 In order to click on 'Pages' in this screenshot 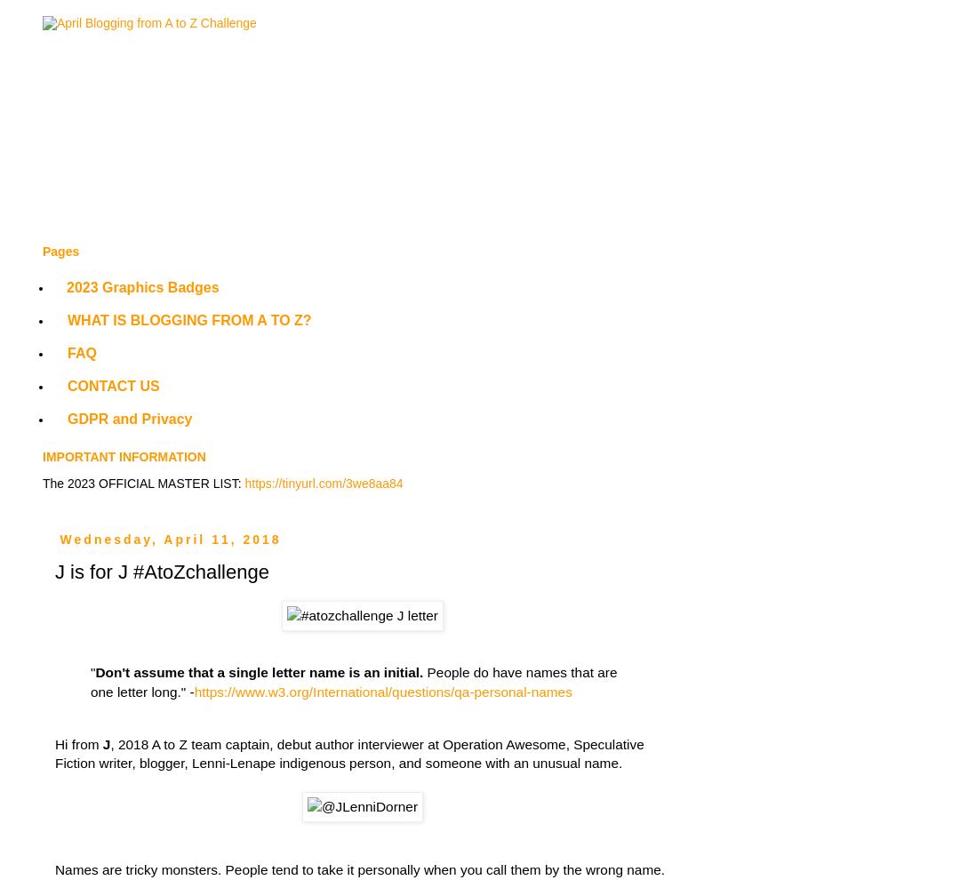, I will do `click(60, 252)`.